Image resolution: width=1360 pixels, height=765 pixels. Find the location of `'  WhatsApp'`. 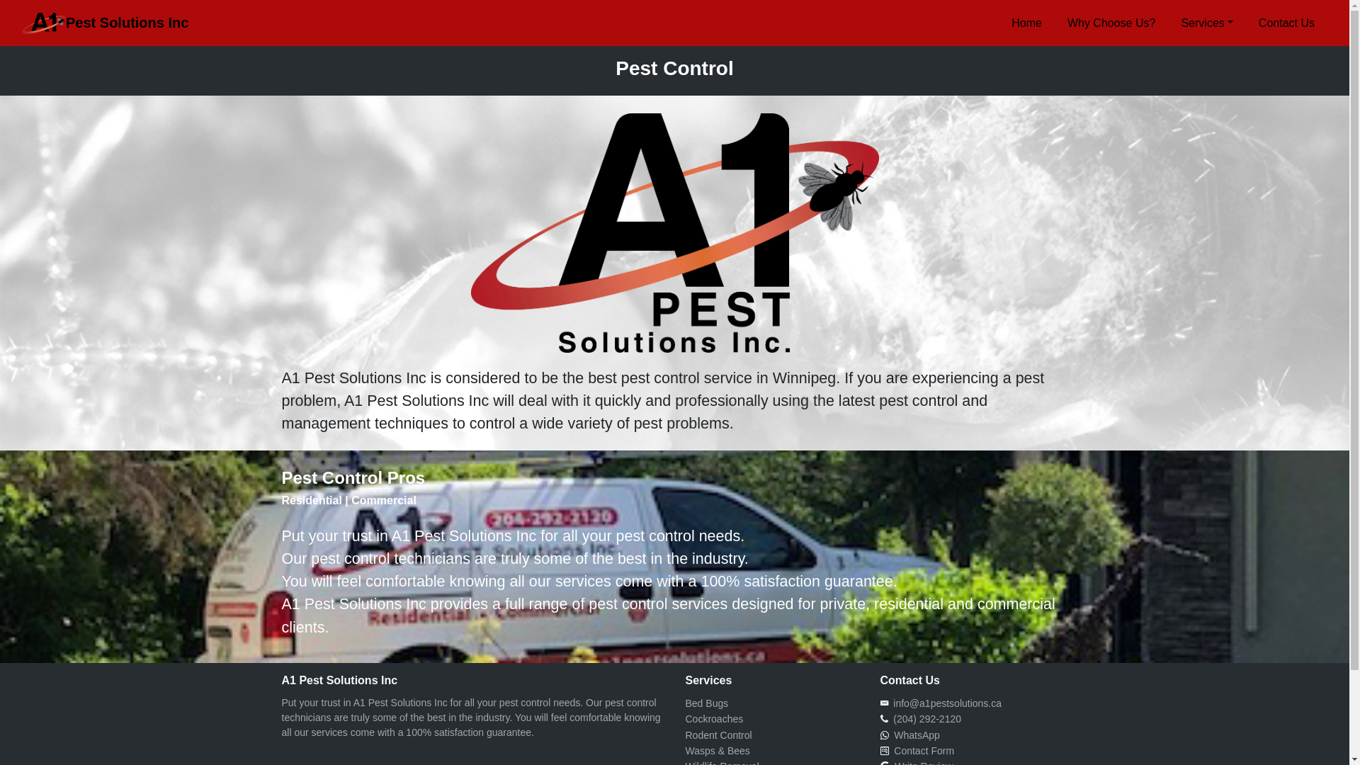

'  WhatsApp' is located at coordinates (887, 734).